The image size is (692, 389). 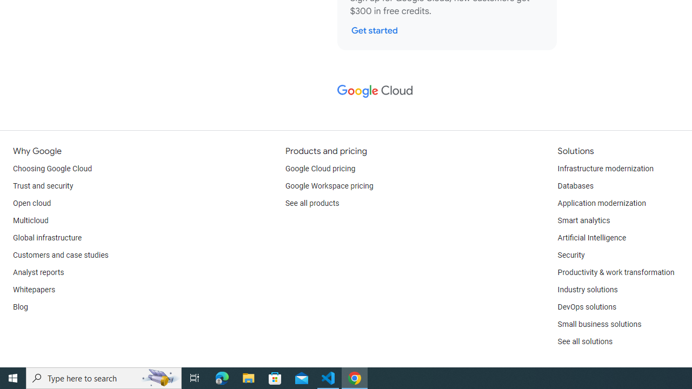 What do you see at coordinates (616, 272) in the screenshot?
I see `'Productivity & work transformation'` at bounding box center [616, 272].